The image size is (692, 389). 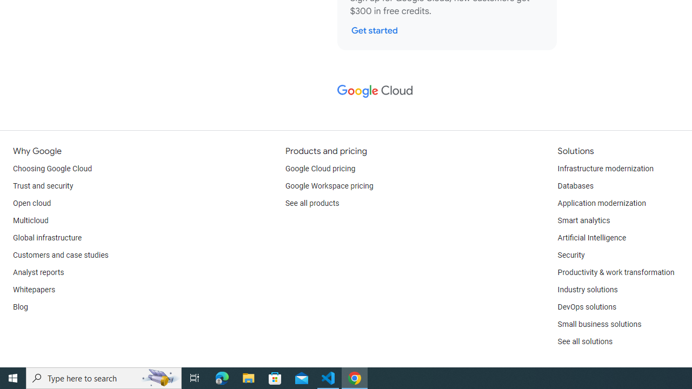 What do you see at coordinates (616, 272) in the screenshot?
I see `'Productivity & work transformation'` at bounding box center [616, 272].